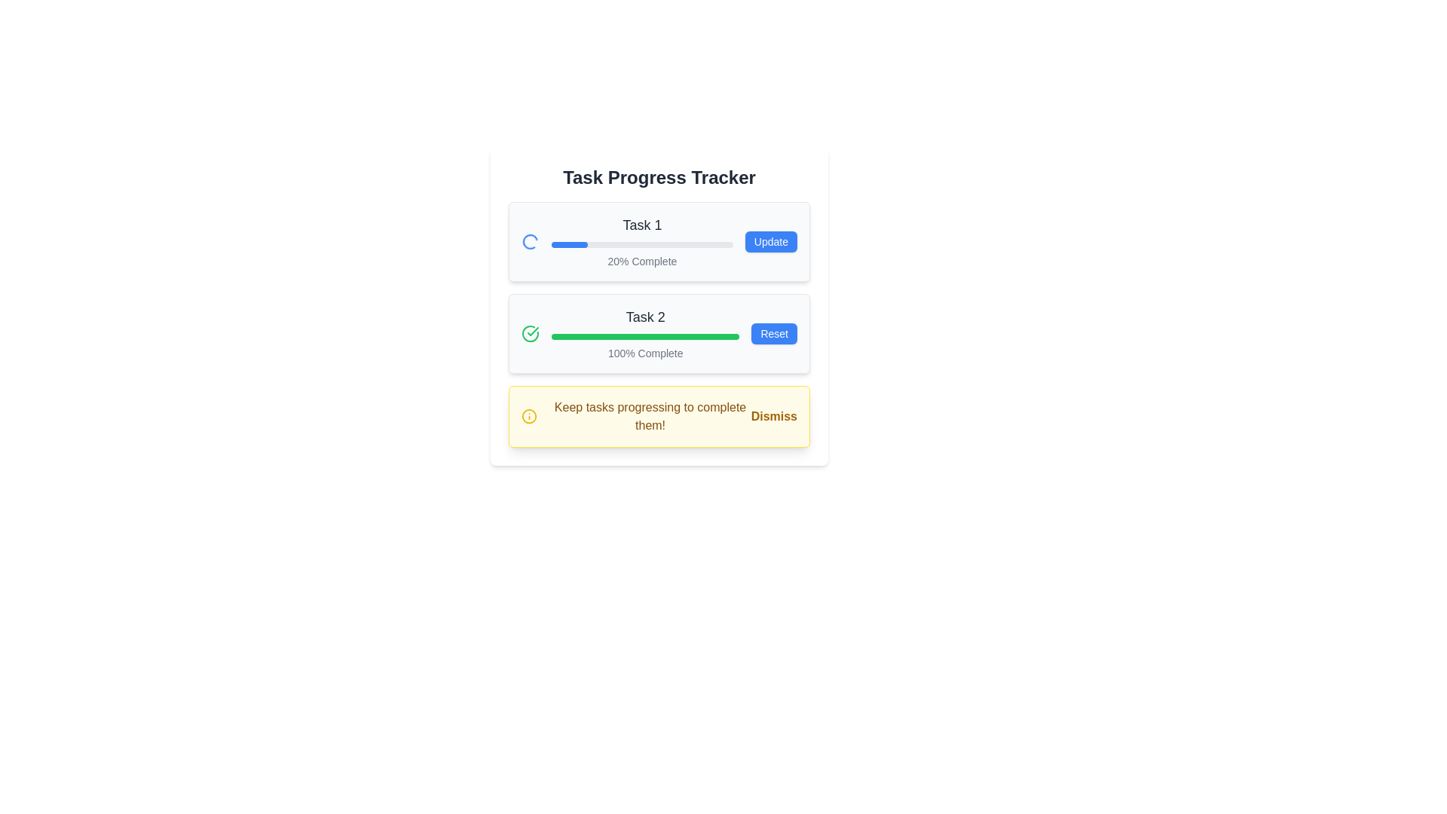  I want to click on the Progress Bar element under the title 'Task 1', so click(641, 240).